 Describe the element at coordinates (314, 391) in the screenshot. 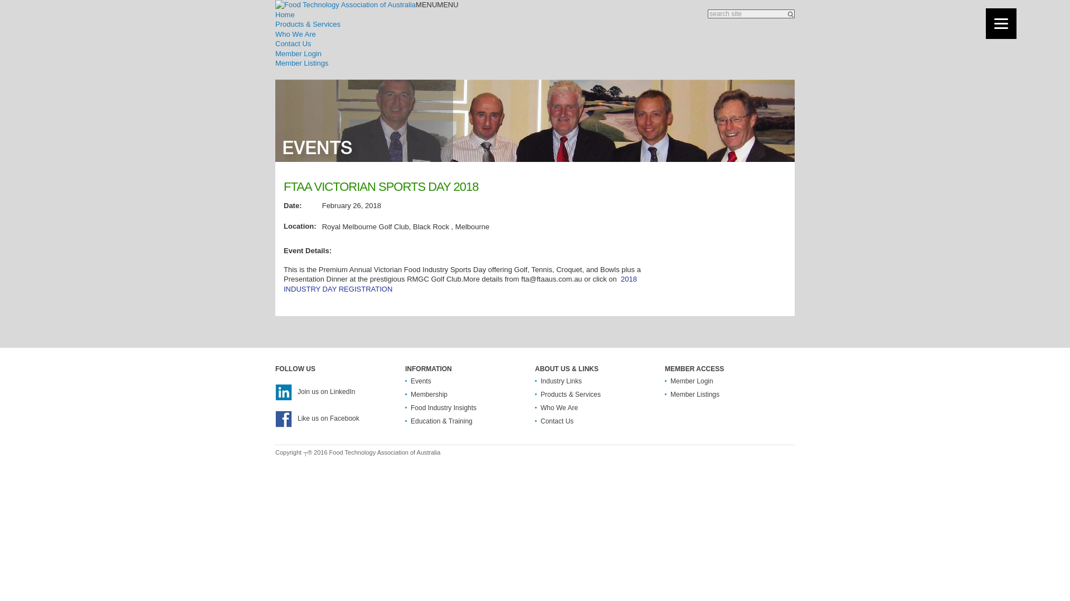

I see `'Join us on LinkedIn'` at that location.